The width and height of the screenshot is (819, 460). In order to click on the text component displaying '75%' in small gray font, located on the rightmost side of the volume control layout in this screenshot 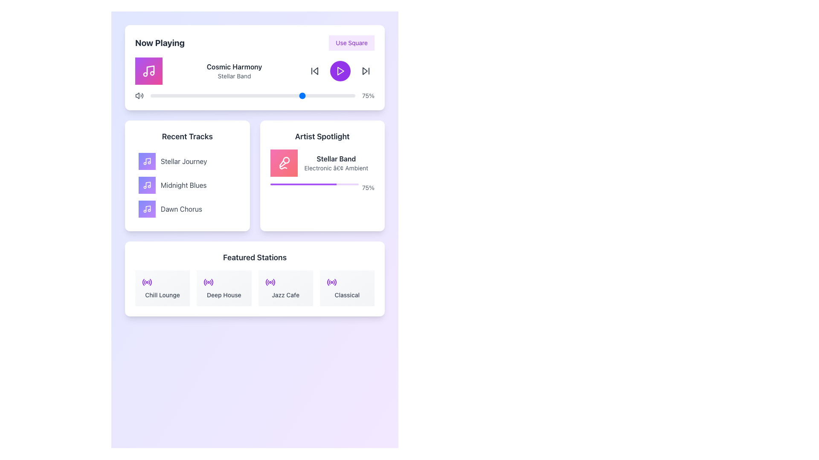, I will do `click(368, 95)`.